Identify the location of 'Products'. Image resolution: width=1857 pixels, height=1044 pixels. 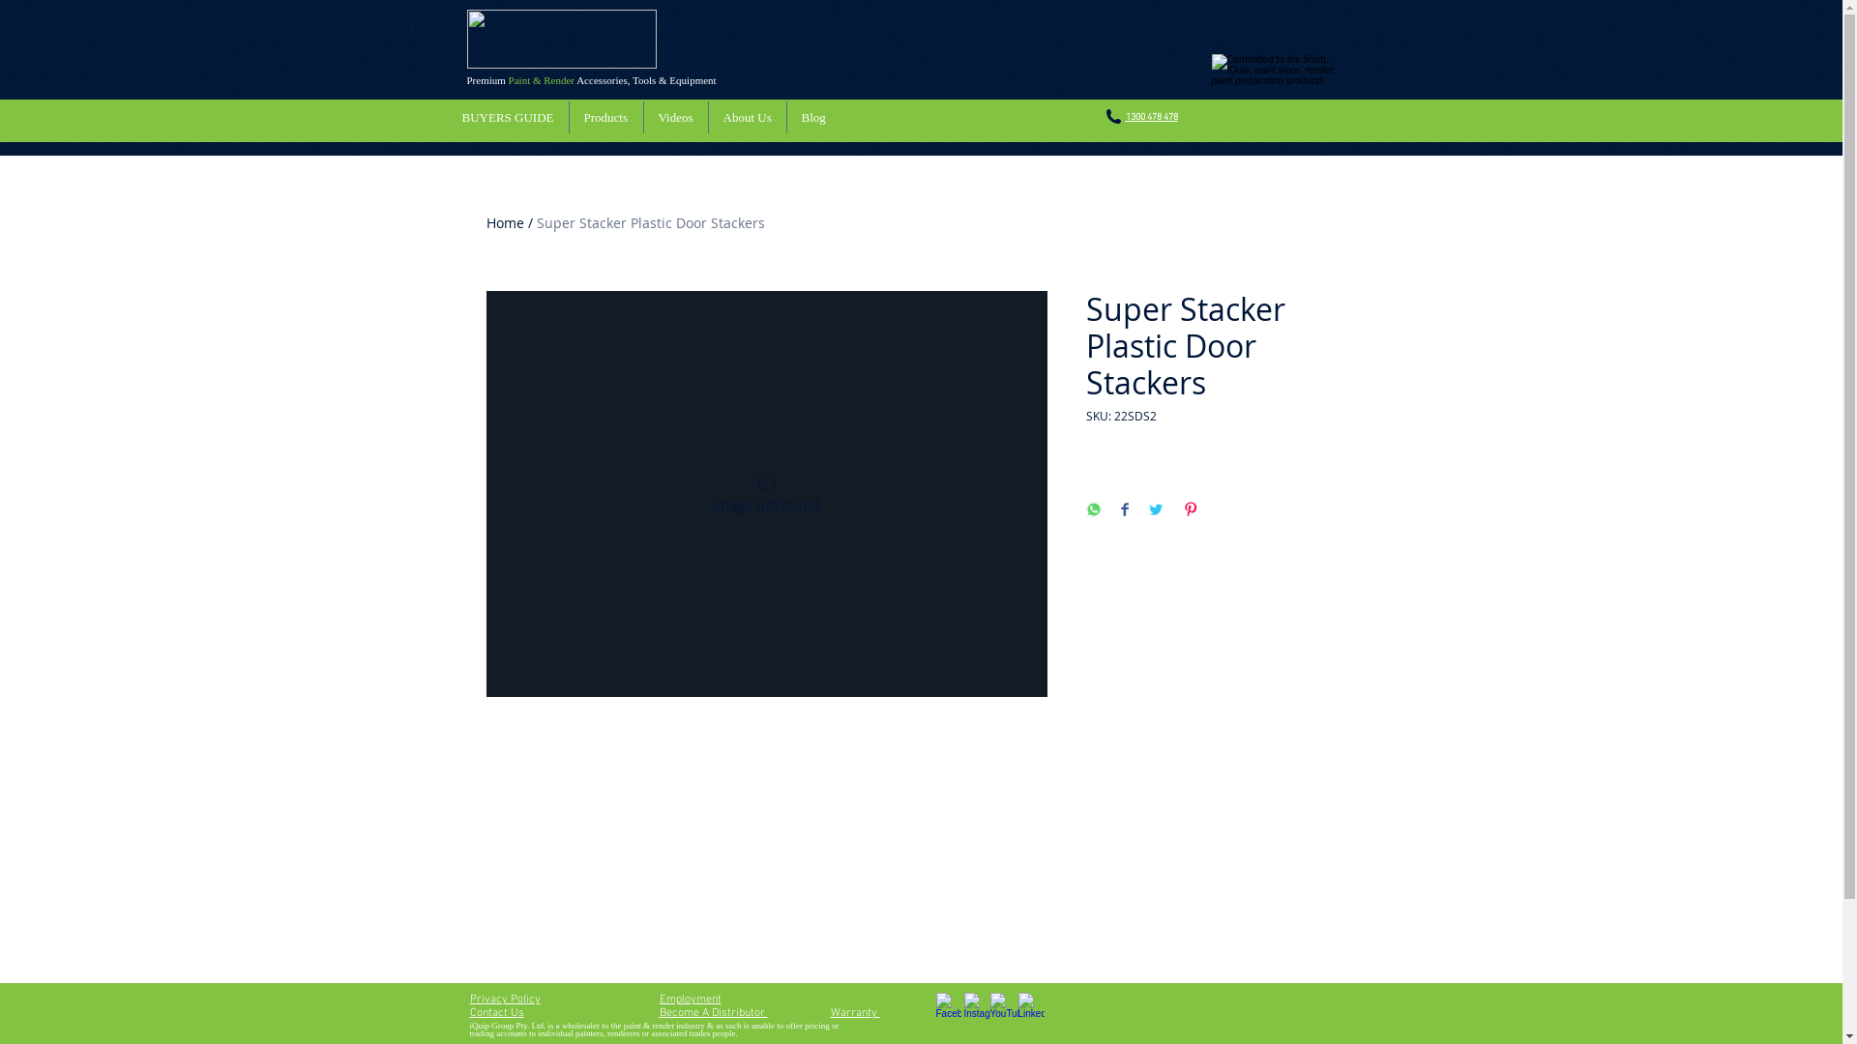
(568, 117).